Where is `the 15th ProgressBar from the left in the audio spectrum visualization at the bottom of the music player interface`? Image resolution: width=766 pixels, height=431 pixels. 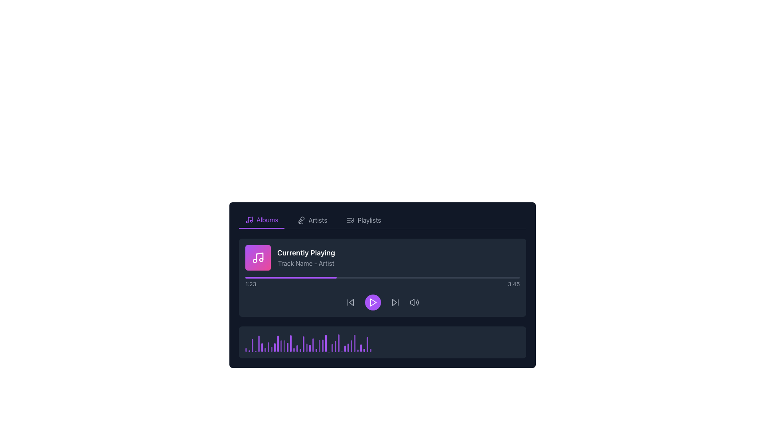
the 15th ProgressBar from the left in the audio spectrum visualization at the bottom of the music player interface is located at coordinates (290, 343).